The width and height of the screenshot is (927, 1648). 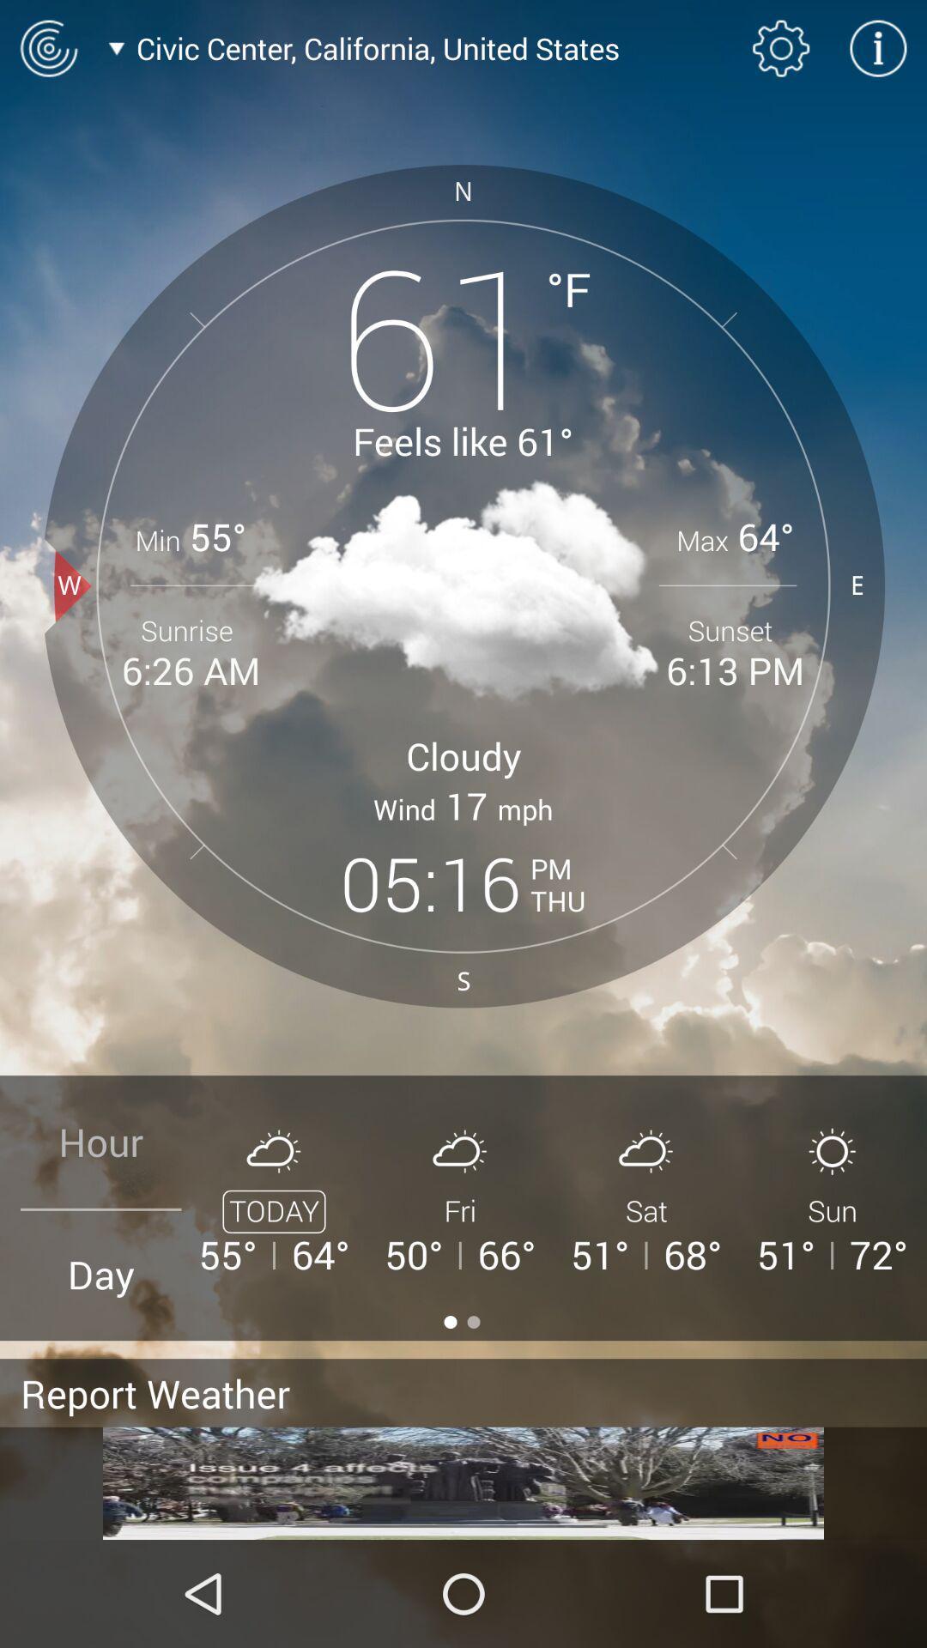 What do you see at coordinates (781, 48) in the screenshot?
I see `settings` at bounding box center [781, 48].